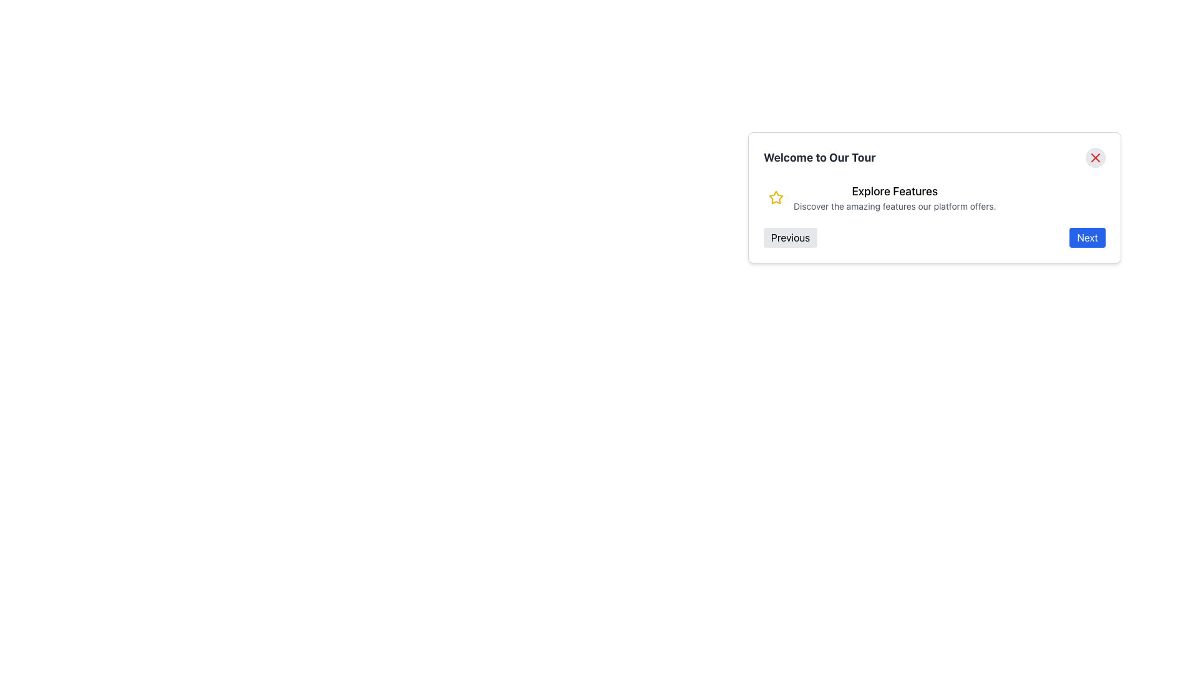 This screenshot has width=1198, height=674. I want to click on prominent text label displaying 'Explore Features', which is styled in bold black font against a white background and positioned above smaller descriptive text, so click(894, 192).